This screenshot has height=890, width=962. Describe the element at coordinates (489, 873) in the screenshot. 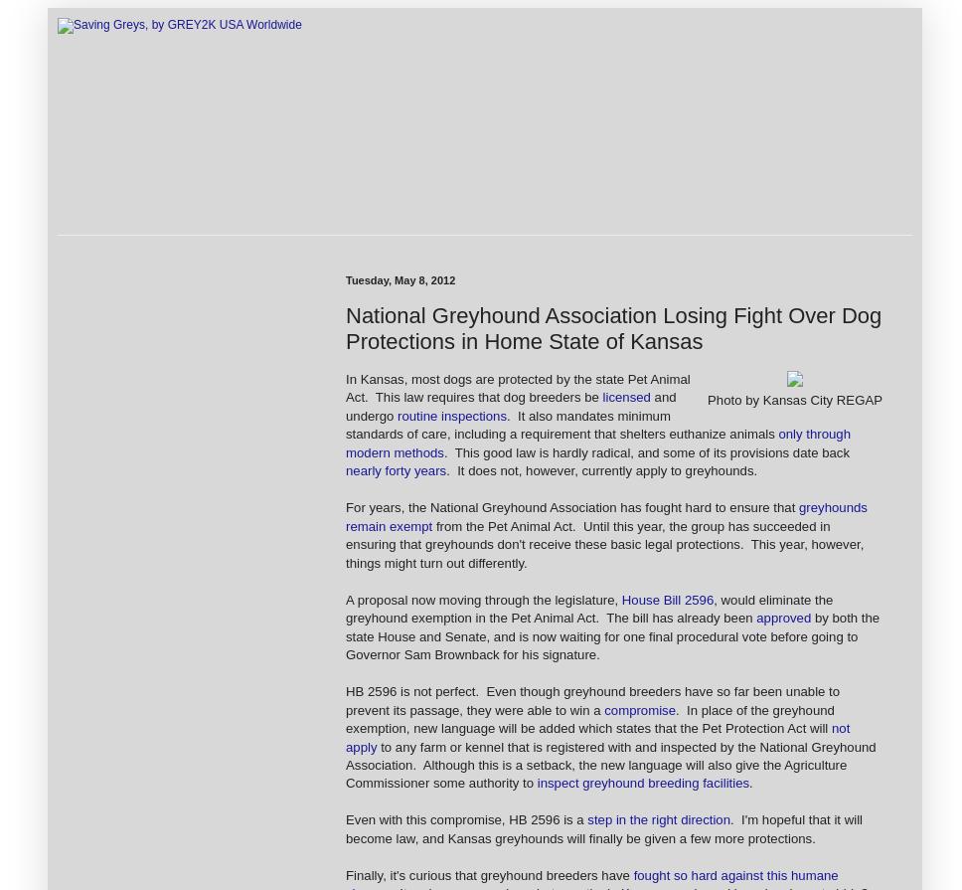

I see `'Finally, it's curious that greyhound breeders have'` at that location.